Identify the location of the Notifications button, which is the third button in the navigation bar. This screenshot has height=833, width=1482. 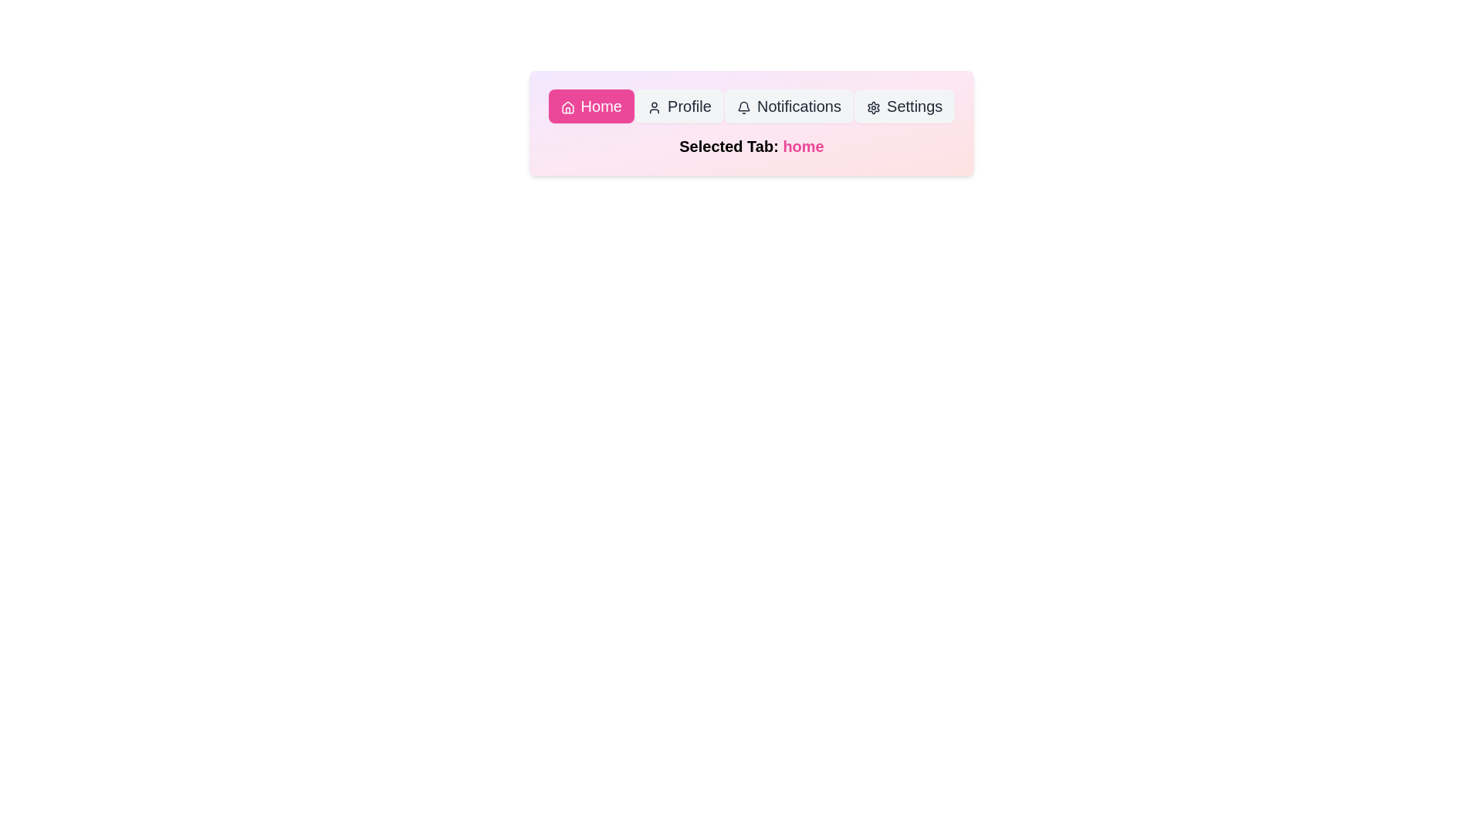
(789, 106).